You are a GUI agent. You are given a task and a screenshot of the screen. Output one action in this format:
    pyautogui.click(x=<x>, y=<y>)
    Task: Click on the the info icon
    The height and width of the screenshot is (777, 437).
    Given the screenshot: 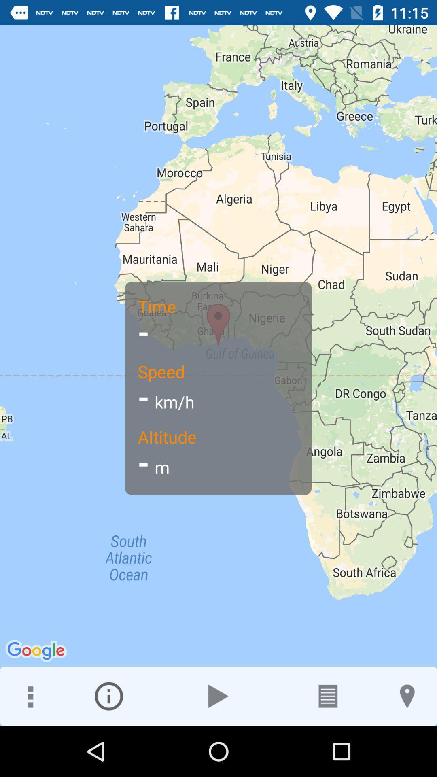 What is the action you would take?
    pyautogui.click(x=108, y=696)
    